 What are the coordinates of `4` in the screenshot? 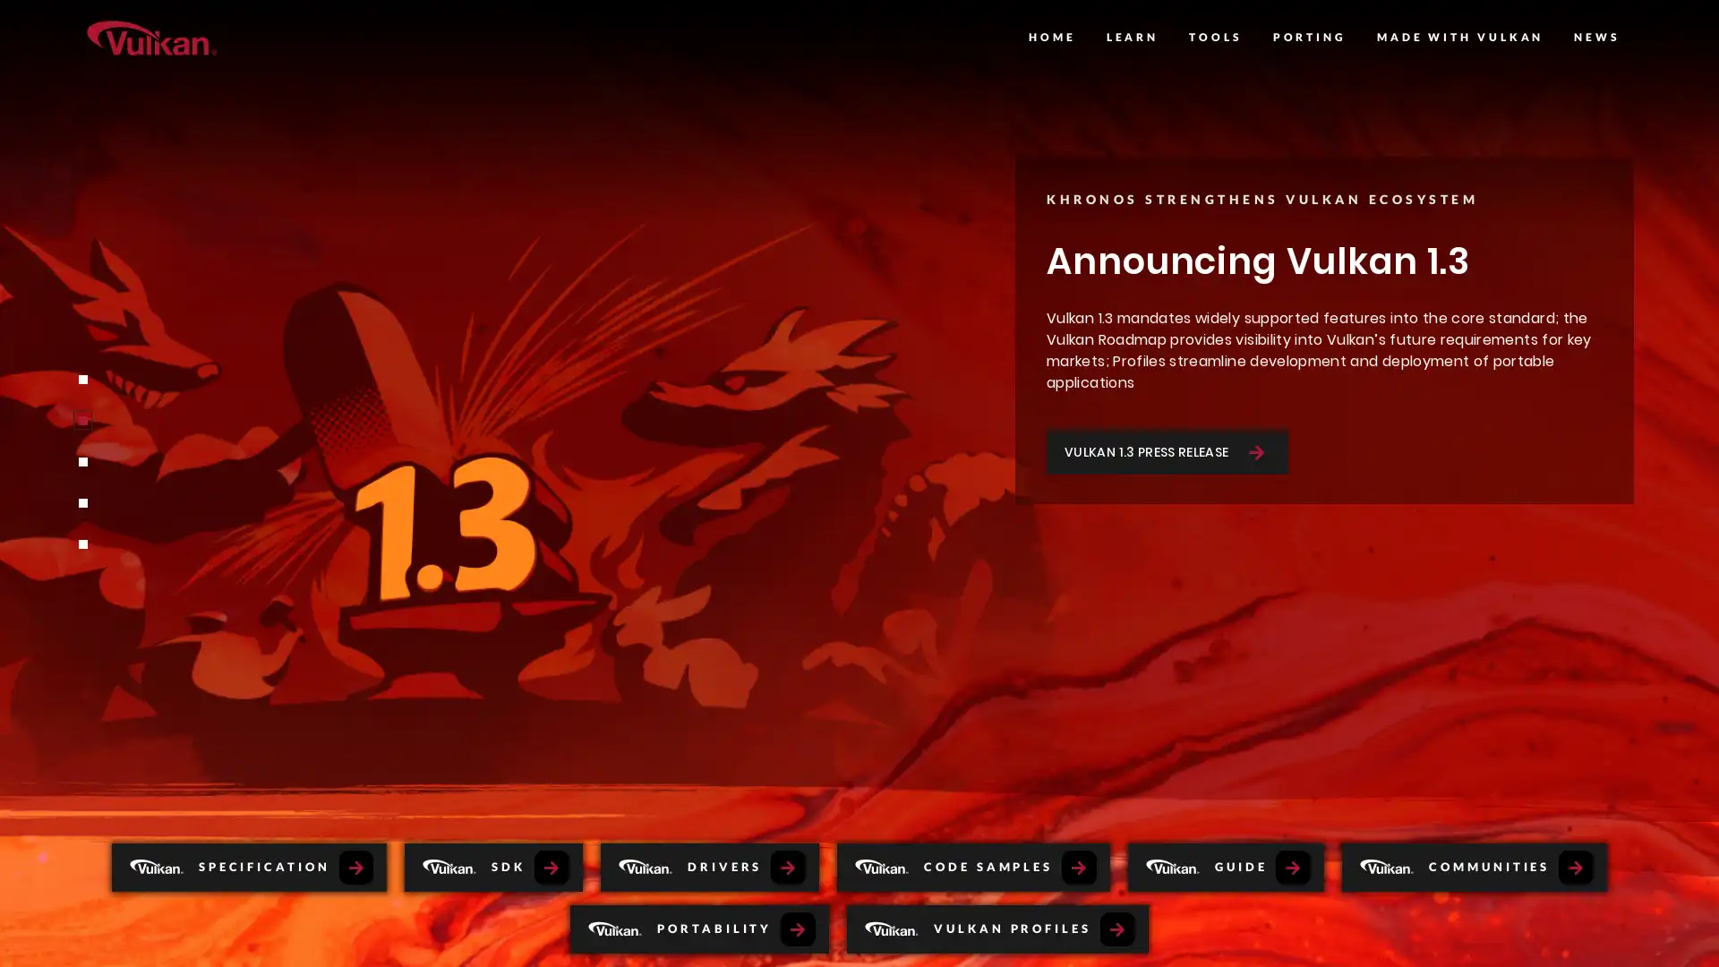 It's located at (81, 503).